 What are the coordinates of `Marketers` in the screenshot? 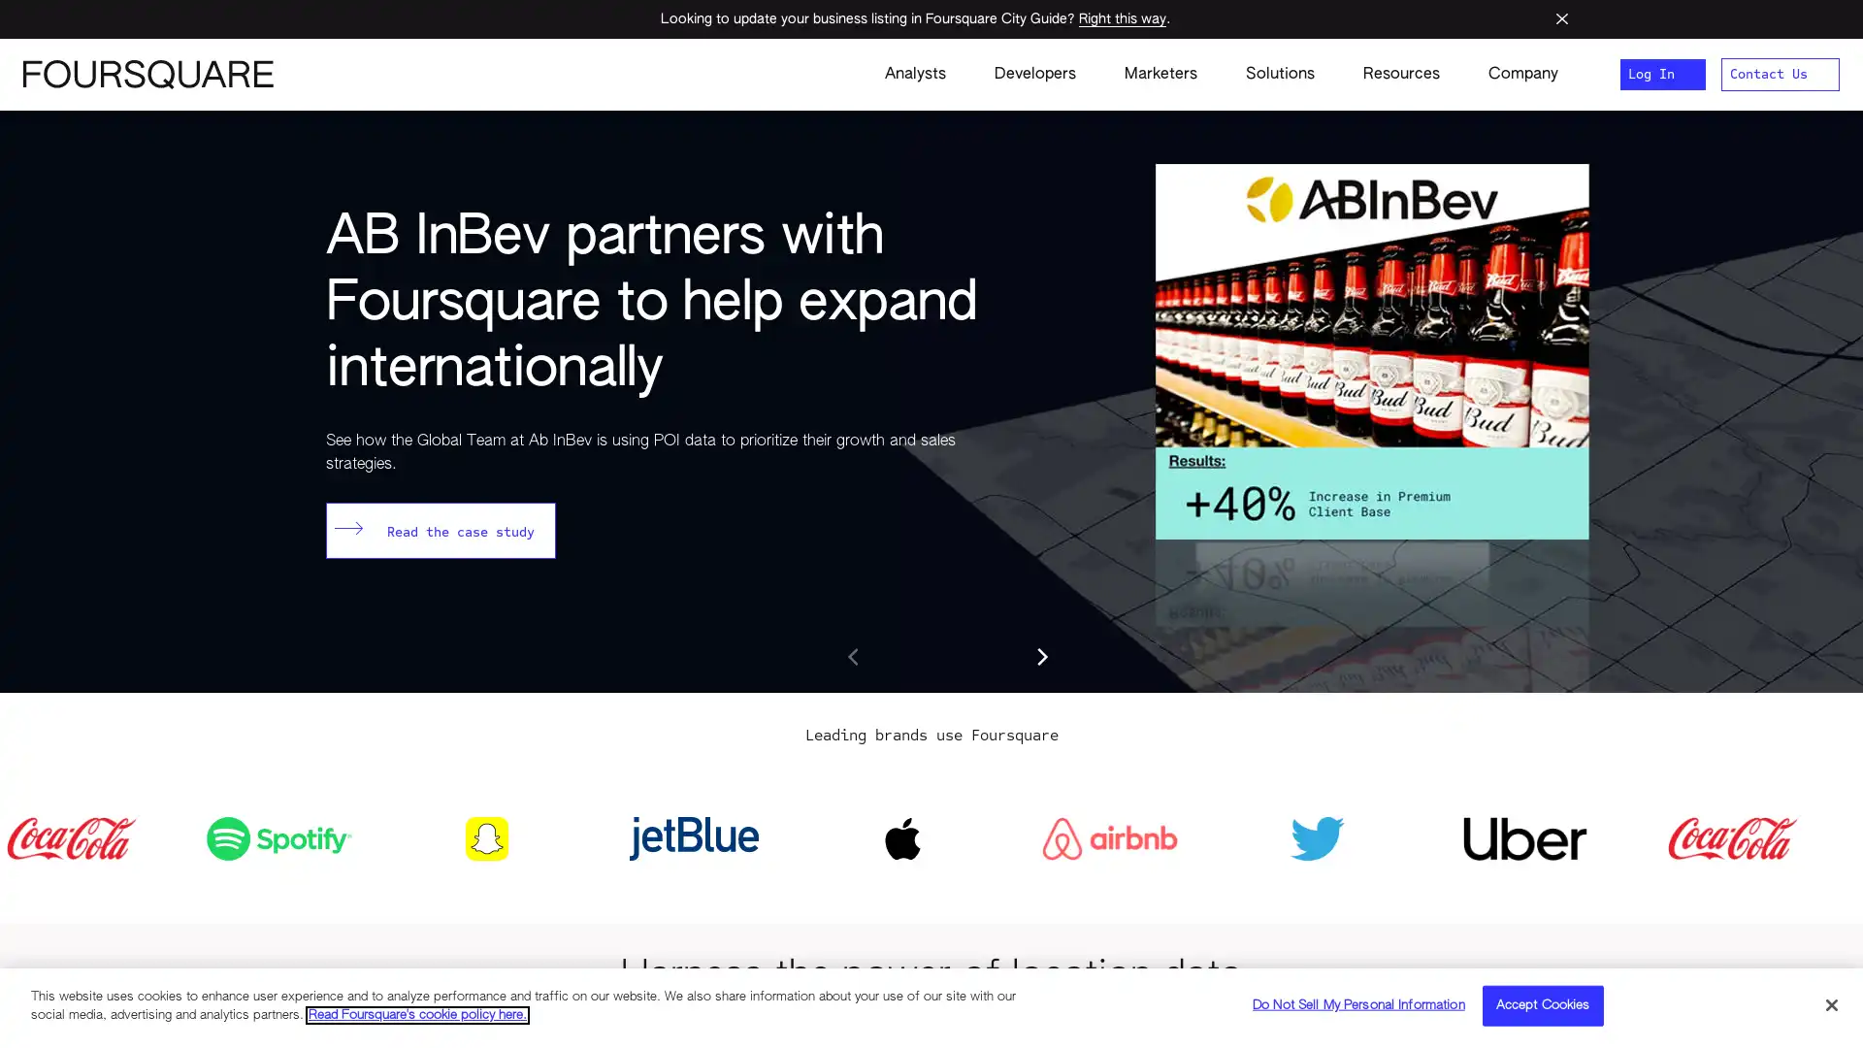 It's located at (1160, 74).